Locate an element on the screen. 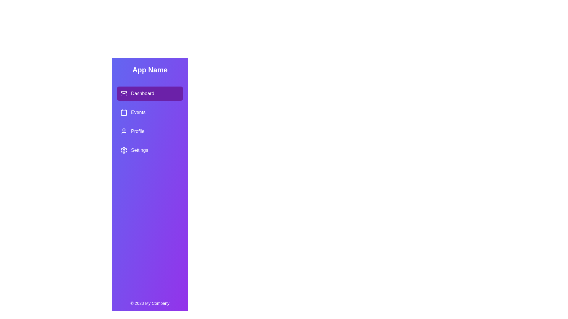 Image resolution: width=568 pixels, height=319 pixels. the navigation item Settings to highlight it is located at coordinates (150, 150).